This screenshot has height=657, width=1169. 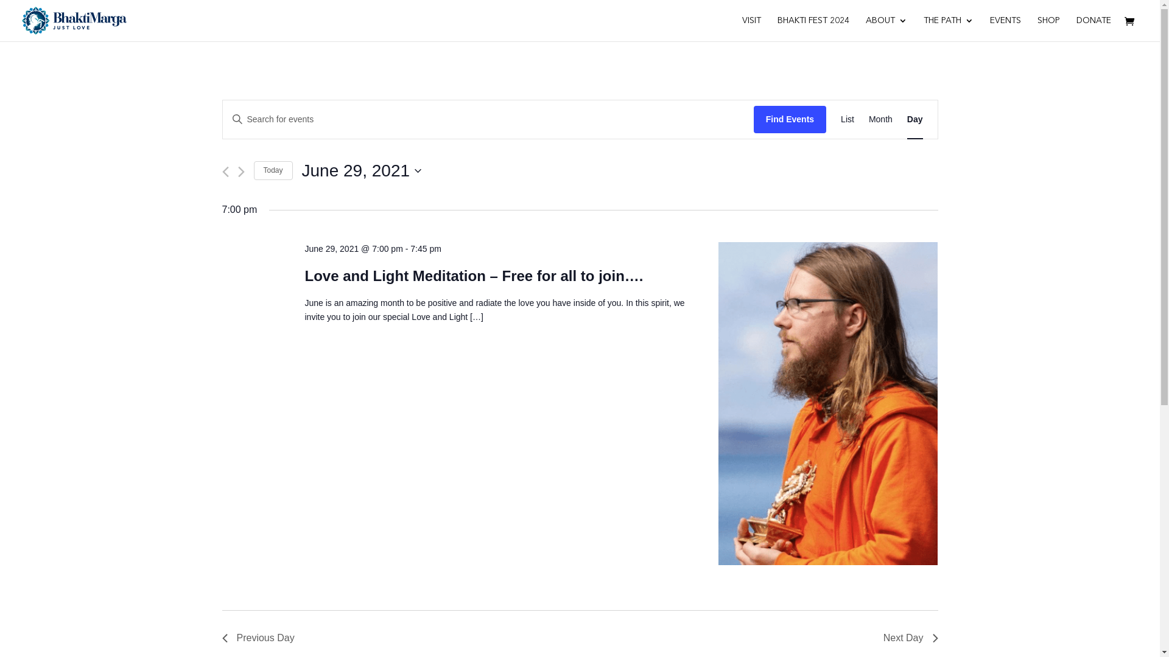 I want to click on 'BHAKTI FEST 2024', so click(x=813, y=28).